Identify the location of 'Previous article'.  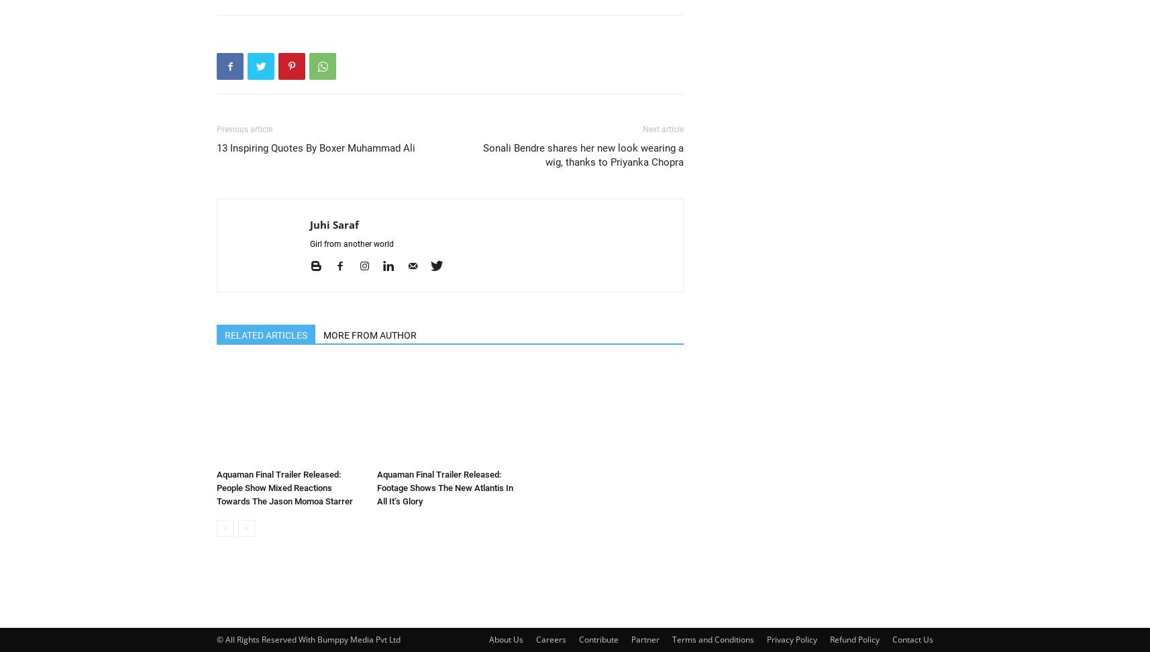
(244, 129).